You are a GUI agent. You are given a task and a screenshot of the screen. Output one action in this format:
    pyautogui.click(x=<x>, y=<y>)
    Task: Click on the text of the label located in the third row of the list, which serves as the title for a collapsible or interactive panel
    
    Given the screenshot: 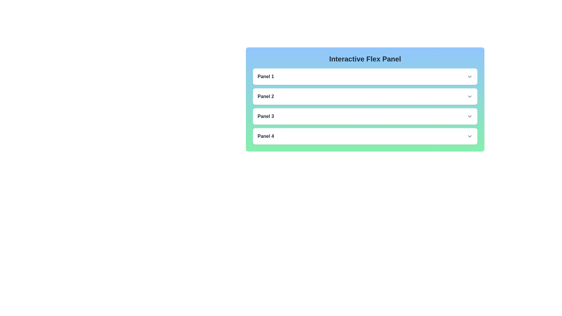 What is the action you would take?
    pyautogui.click(x=265, y=116)
    